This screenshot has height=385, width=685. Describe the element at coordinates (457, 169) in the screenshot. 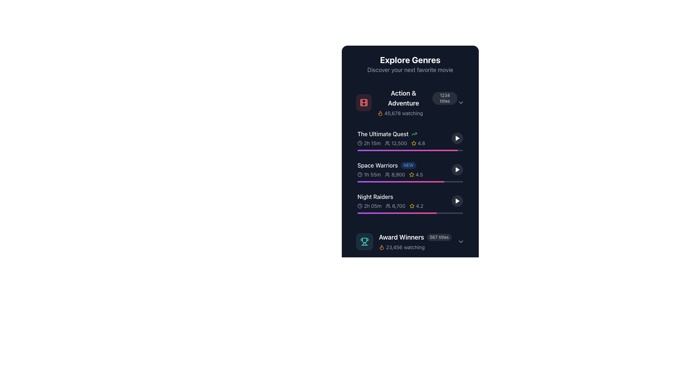

I see `the play button located to the far right of the 'Space Warriors' listing` at that location.